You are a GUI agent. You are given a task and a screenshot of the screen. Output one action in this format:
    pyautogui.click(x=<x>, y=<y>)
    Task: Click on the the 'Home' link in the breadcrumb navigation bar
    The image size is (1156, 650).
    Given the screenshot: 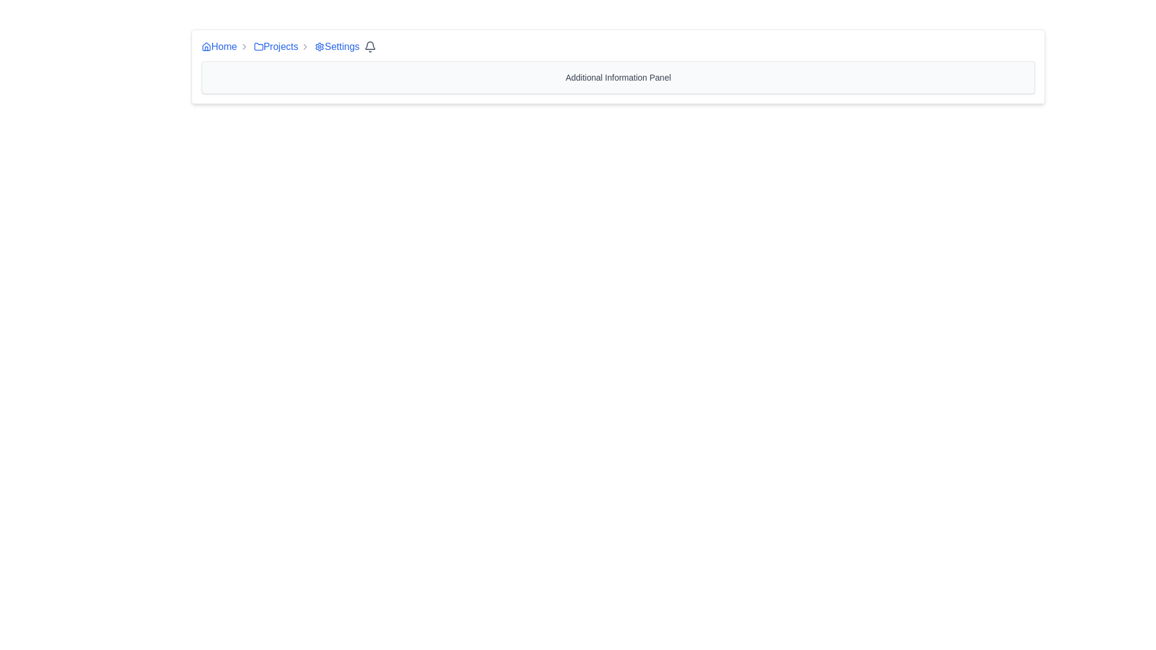 What is the action you would take?
    pyautogui.click(x=219, y=46)
    